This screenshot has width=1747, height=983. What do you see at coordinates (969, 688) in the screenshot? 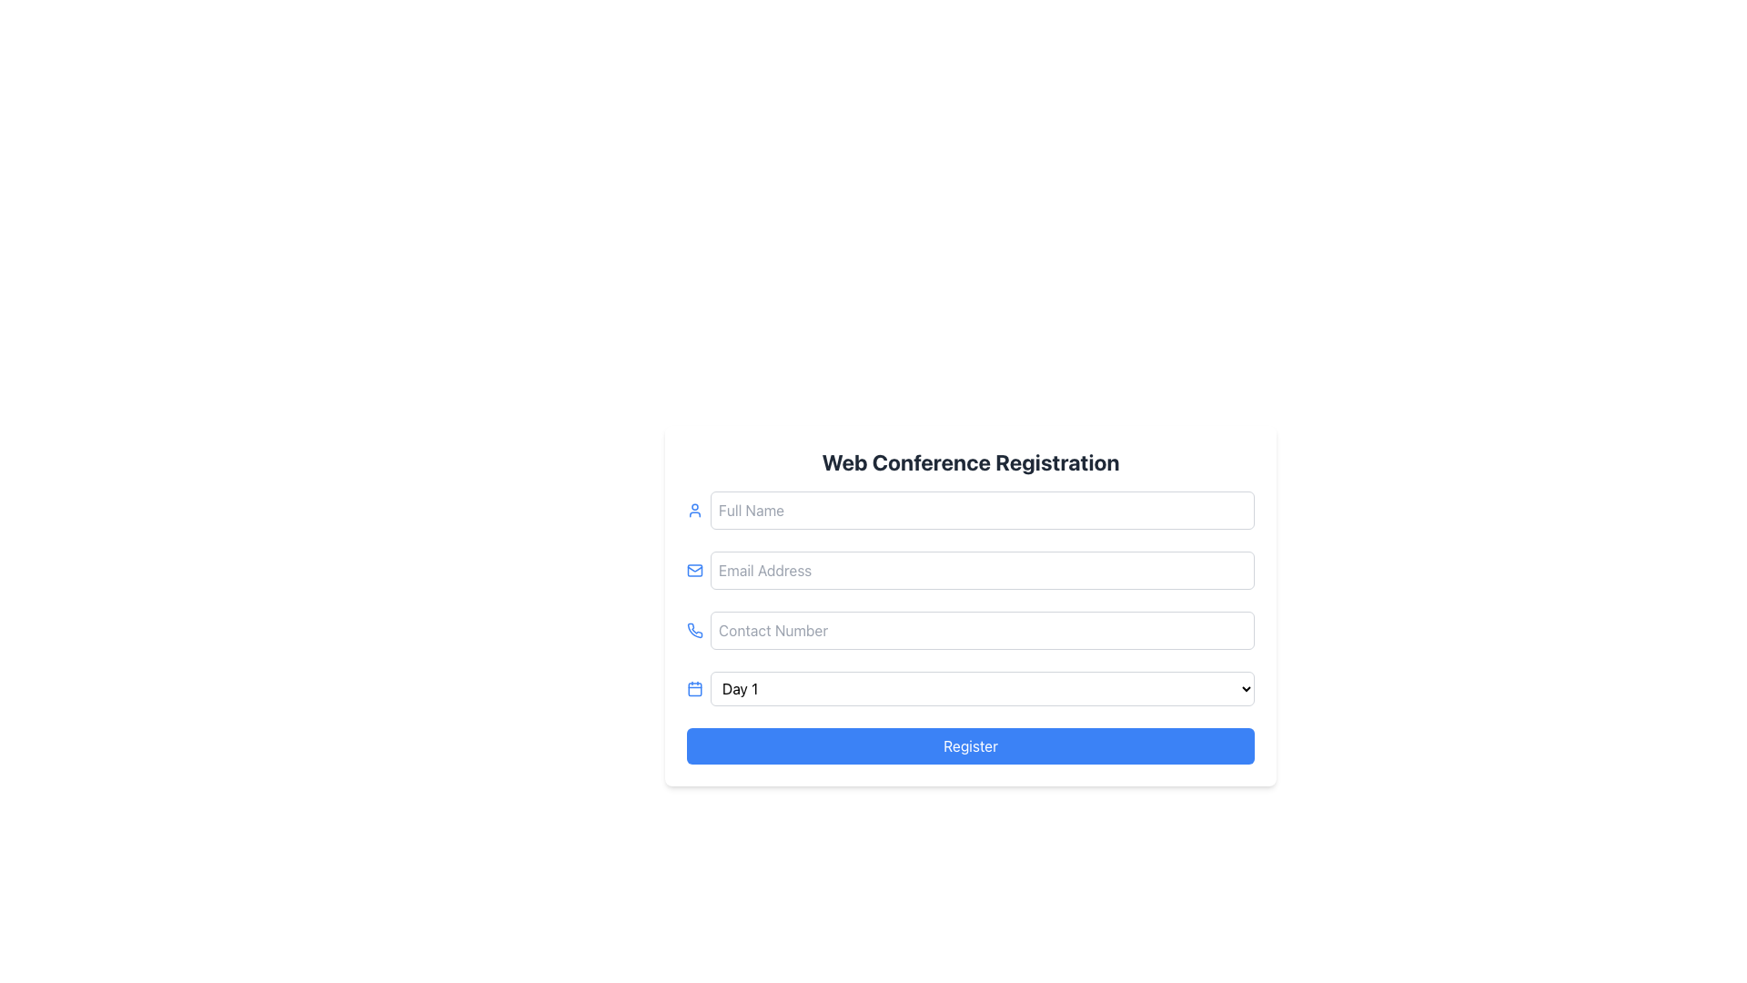
I see `the dropdown menu located below the 'Contact Number' field and above the 'Register' button to select an event day option` at bounding box center [969, 688].